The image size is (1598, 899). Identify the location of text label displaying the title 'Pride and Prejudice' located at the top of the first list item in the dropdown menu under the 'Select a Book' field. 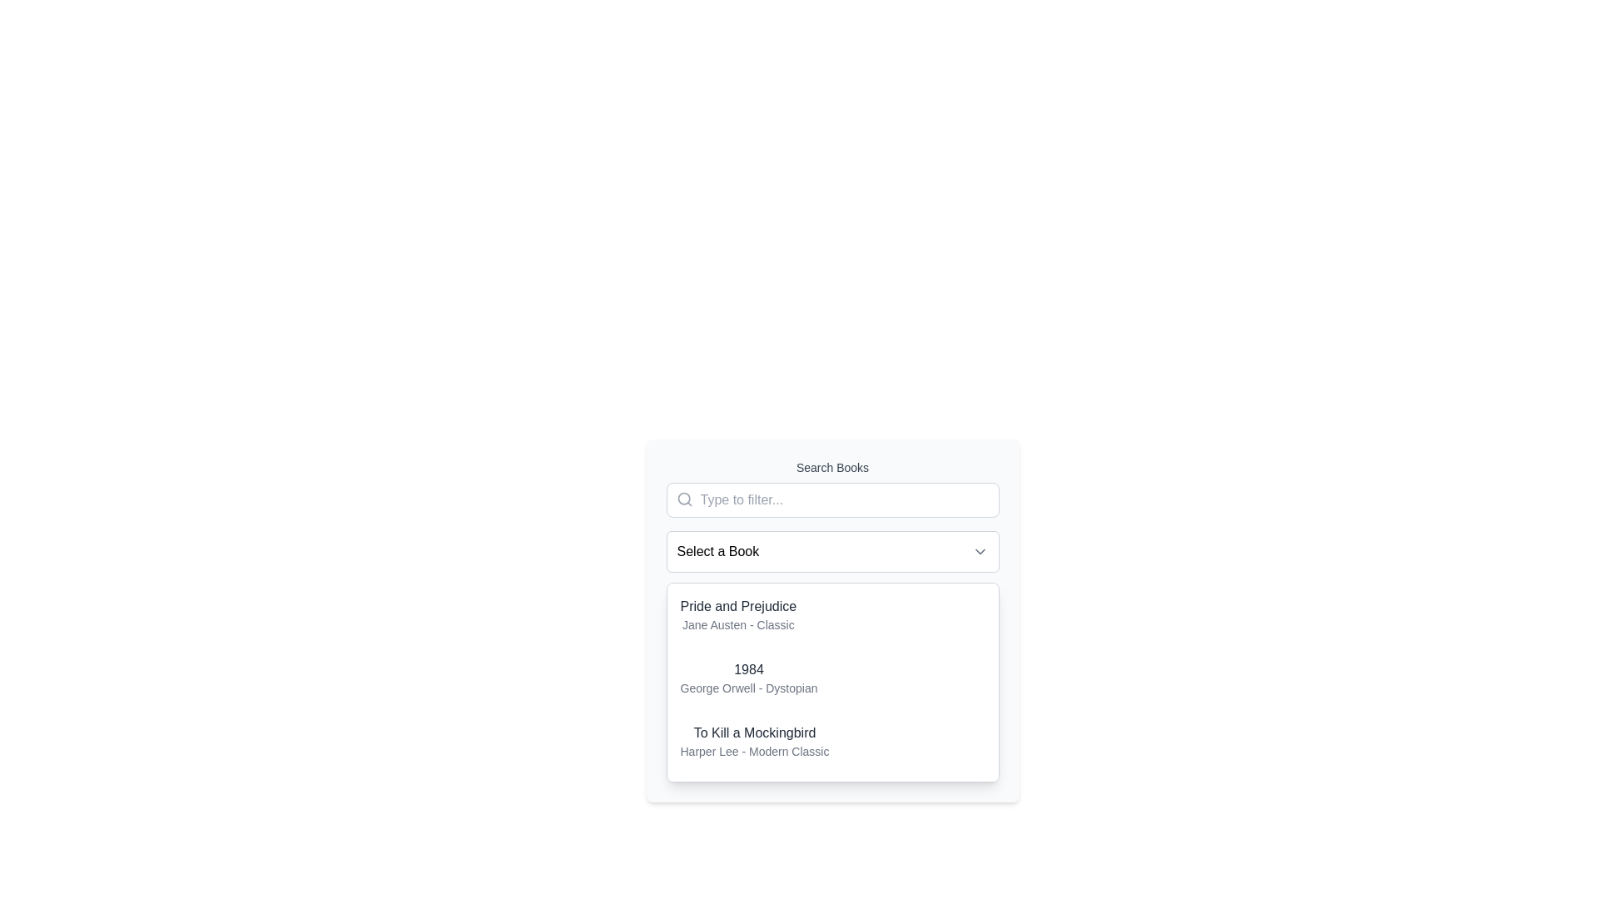
(737, 607).